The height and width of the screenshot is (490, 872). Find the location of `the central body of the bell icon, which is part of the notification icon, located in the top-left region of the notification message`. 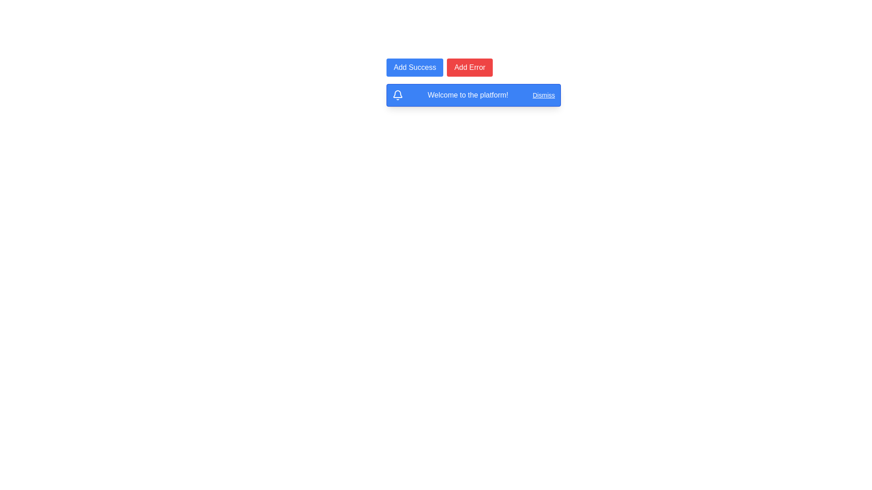

the central body of the bell icon, which is part of the notification icon, located in the top-left region of the notification message is located at coordinates (397, 94).